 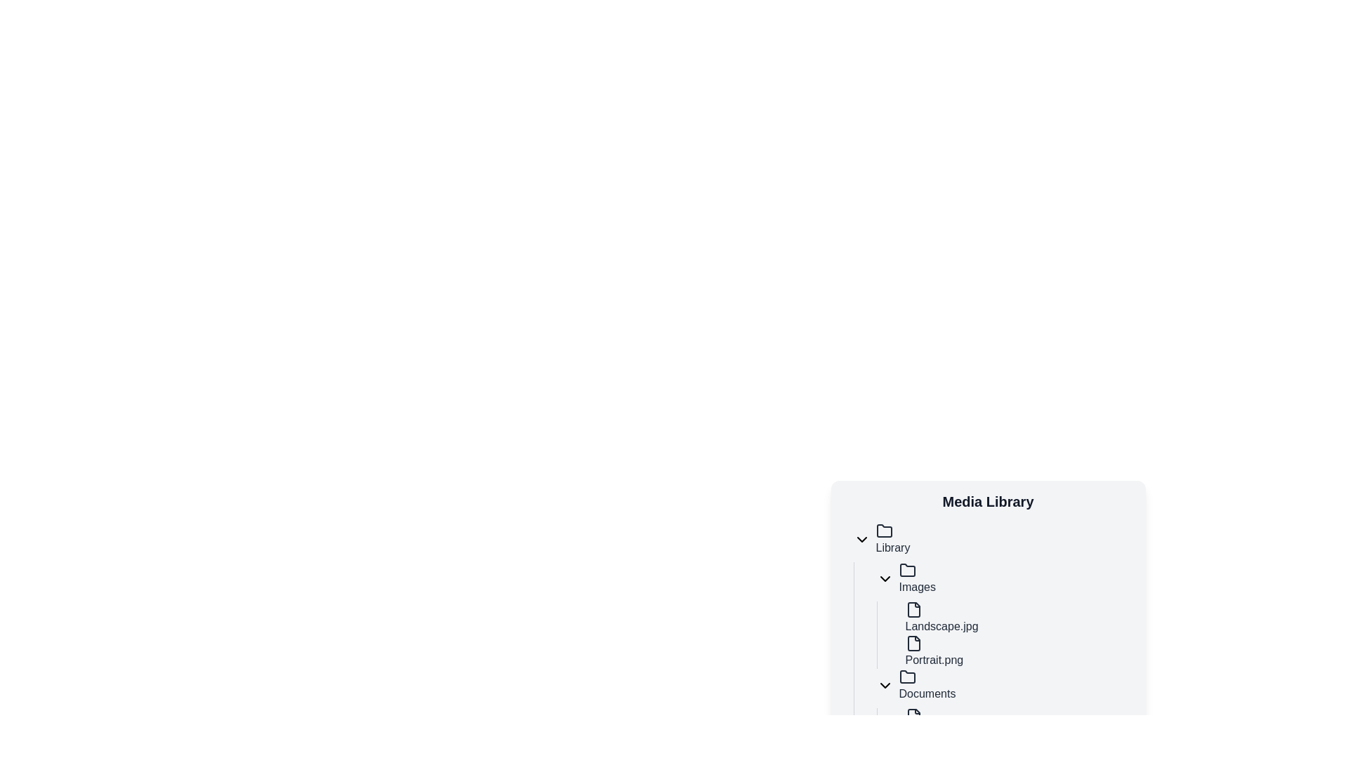 I want to click on the folder icon representing the 'Images' node within the 'Media Library' UI, so click(x=907, y=570).